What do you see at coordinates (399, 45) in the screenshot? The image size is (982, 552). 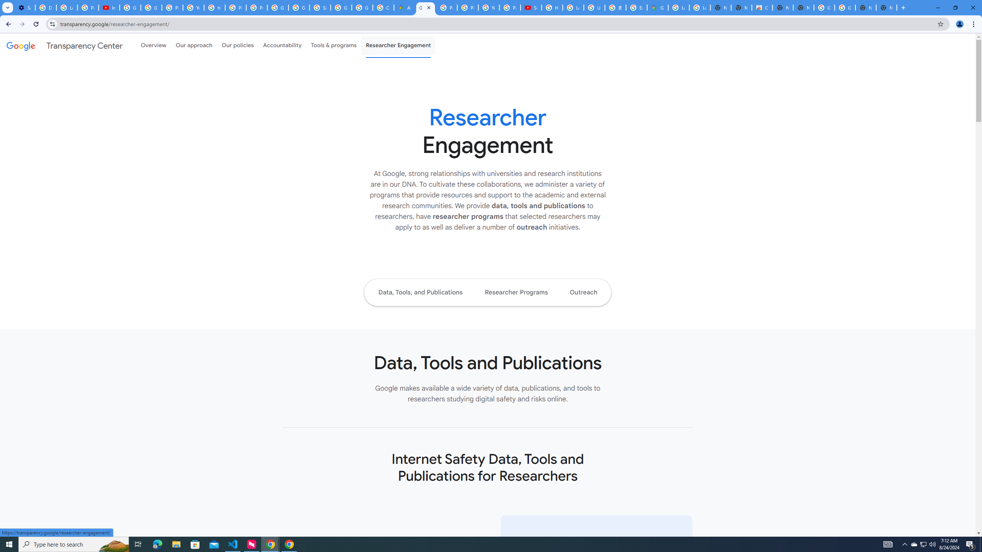 I see `'Researcher Engagement'` at bounding box center [399, 45].